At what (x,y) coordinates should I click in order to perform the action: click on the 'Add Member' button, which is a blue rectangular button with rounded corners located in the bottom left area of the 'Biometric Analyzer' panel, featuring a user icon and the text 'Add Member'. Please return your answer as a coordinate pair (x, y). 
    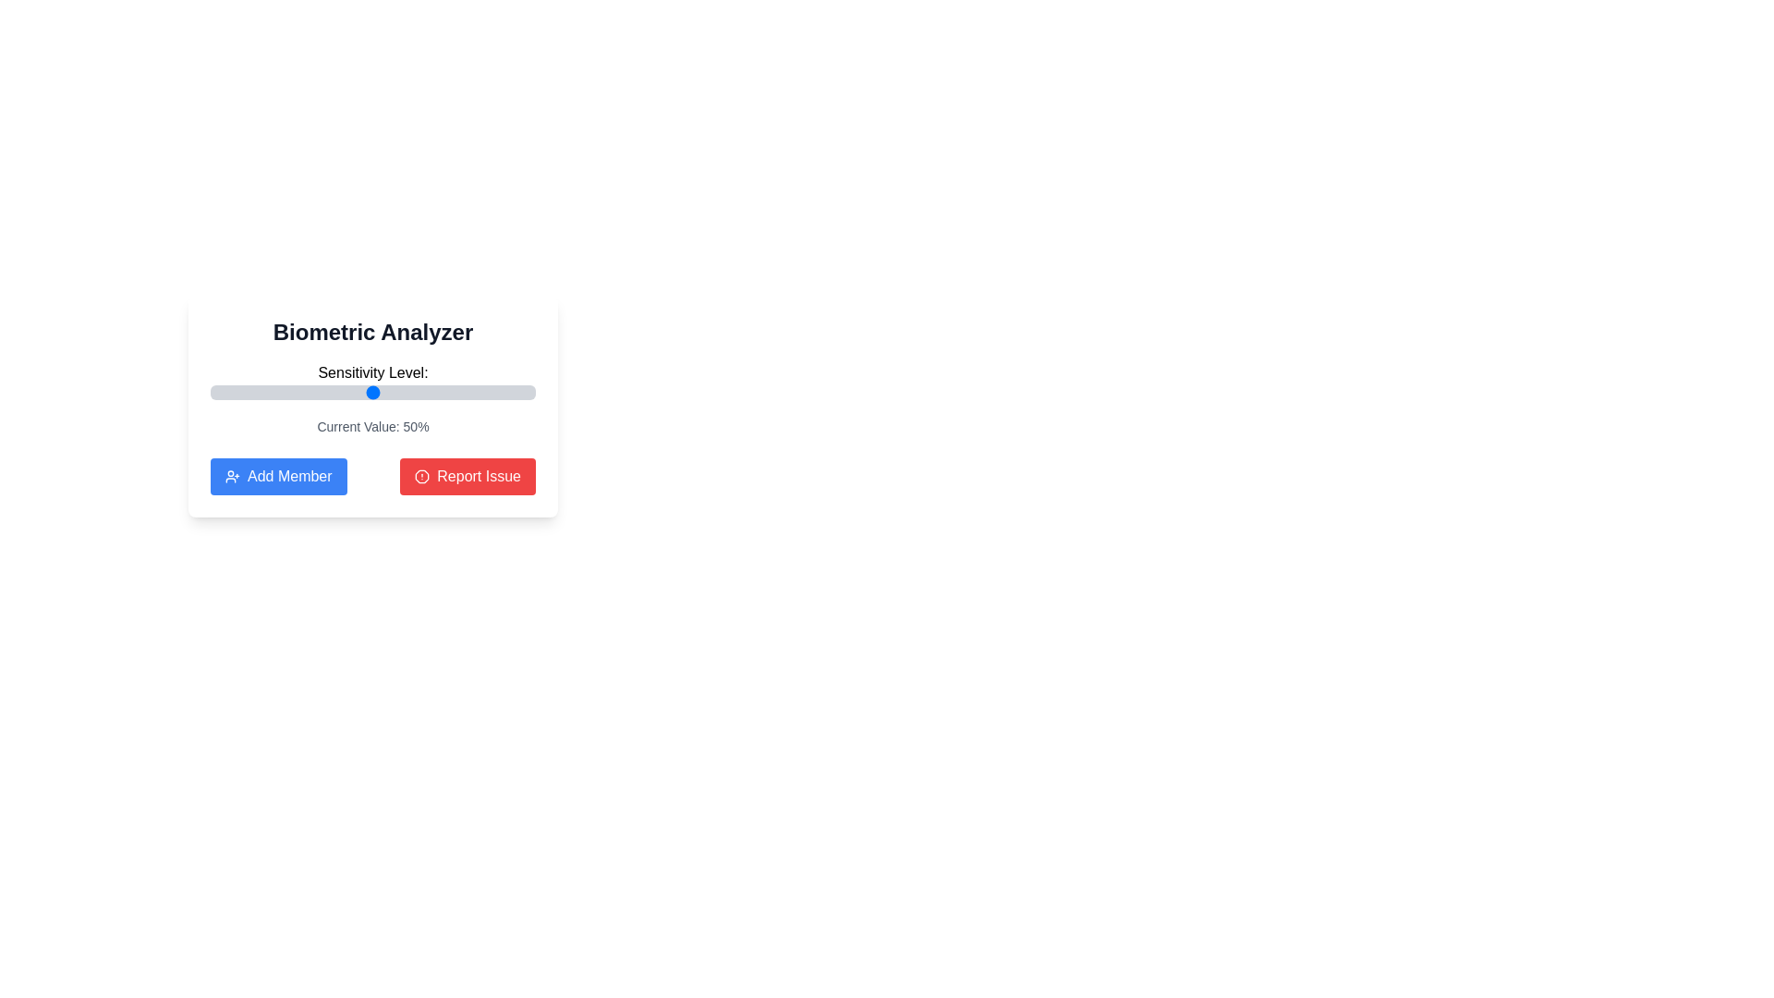
    Looking at the image, I should click on (277, 476).